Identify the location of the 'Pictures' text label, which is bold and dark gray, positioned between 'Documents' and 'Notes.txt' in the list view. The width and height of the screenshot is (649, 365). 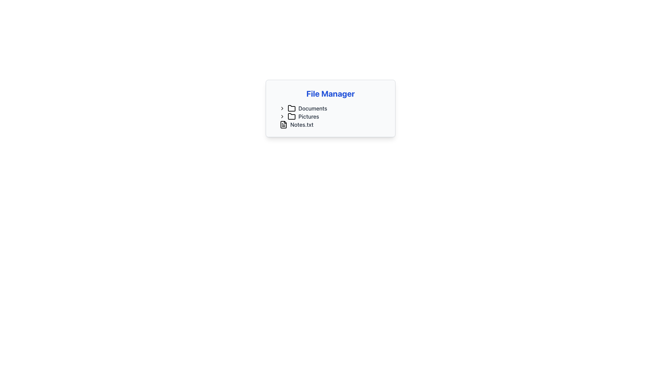
(308, 116).